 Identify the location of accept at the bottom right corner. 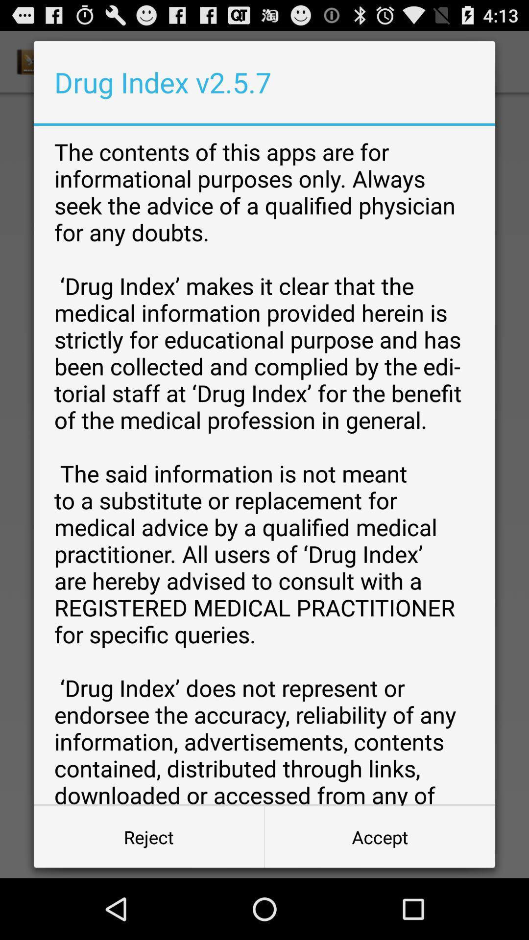
(379, 836).